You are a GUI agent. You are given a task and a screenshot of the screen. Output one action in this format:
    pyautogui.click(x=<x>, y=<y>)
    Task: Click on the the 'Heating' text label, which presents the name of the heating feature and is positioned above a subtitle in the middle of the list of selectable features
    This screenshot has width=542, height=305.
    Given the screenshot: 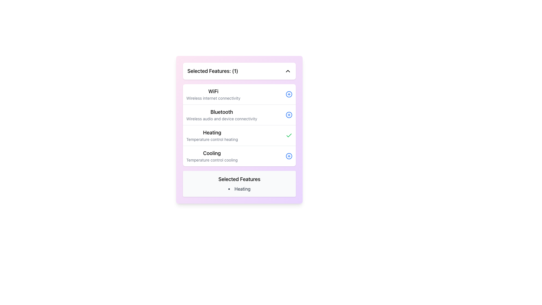 What is the action you would take?
    pyautogui.click(x=212, y=133)
    